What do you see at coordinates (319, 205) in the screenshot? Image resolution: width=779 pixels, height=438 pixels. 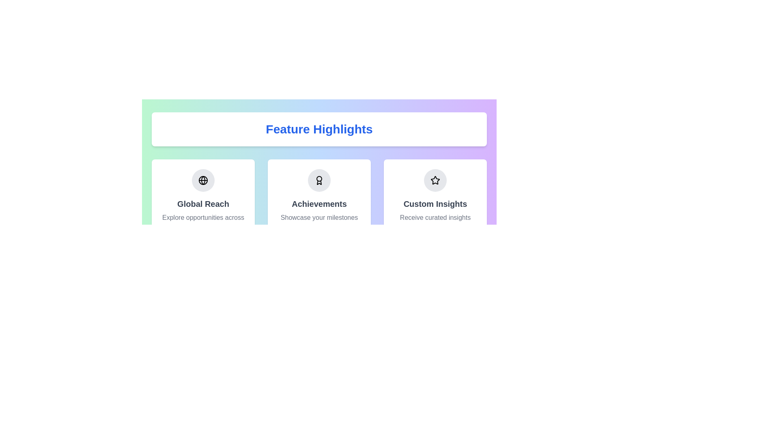 I see `the center of the Grid layout containing feature description cards to observe any hover effects on the sections ('Global Reach', 'Achievements', 'Custom Insights')` at bounding box center [319, 205].